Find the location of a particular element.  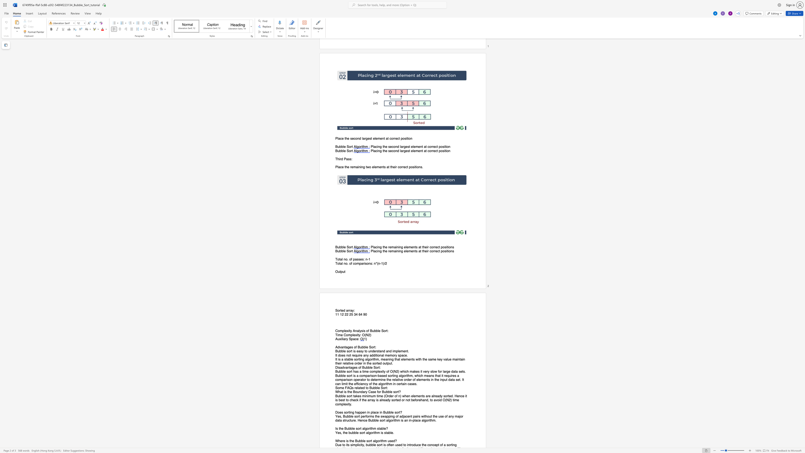

the 1th character "B" in the text is located at coordinates (384, 412).